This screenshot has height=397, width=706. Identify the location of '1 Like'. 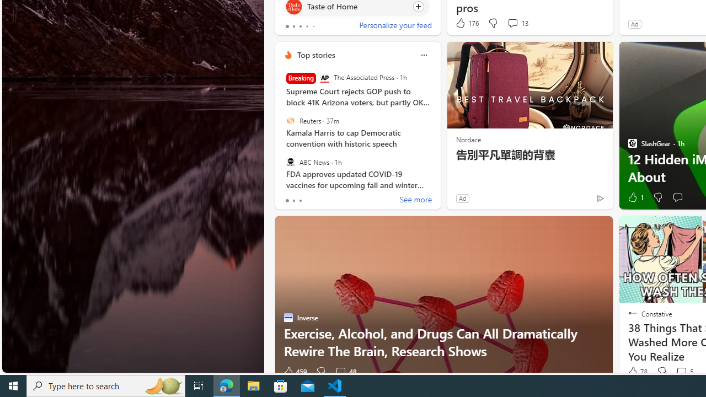
(635, 197).